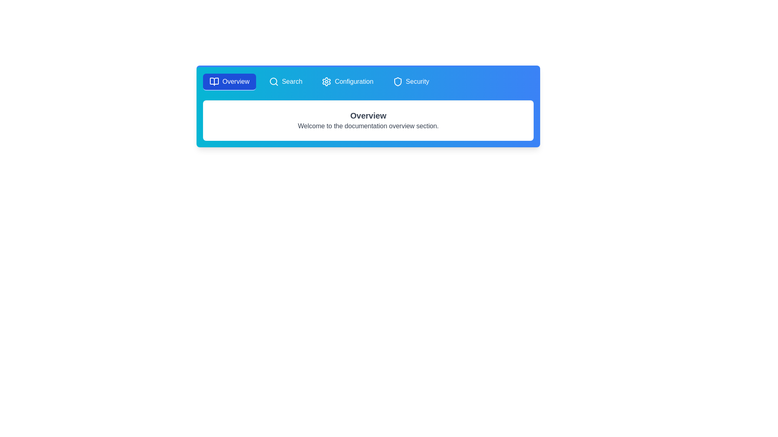 The image size is (778, 437). I want to click on the 'Search' text label in the navigation menu, which is displayed in white on a light blue background and is located next to the magnifying glass icon, so click(292, 81).